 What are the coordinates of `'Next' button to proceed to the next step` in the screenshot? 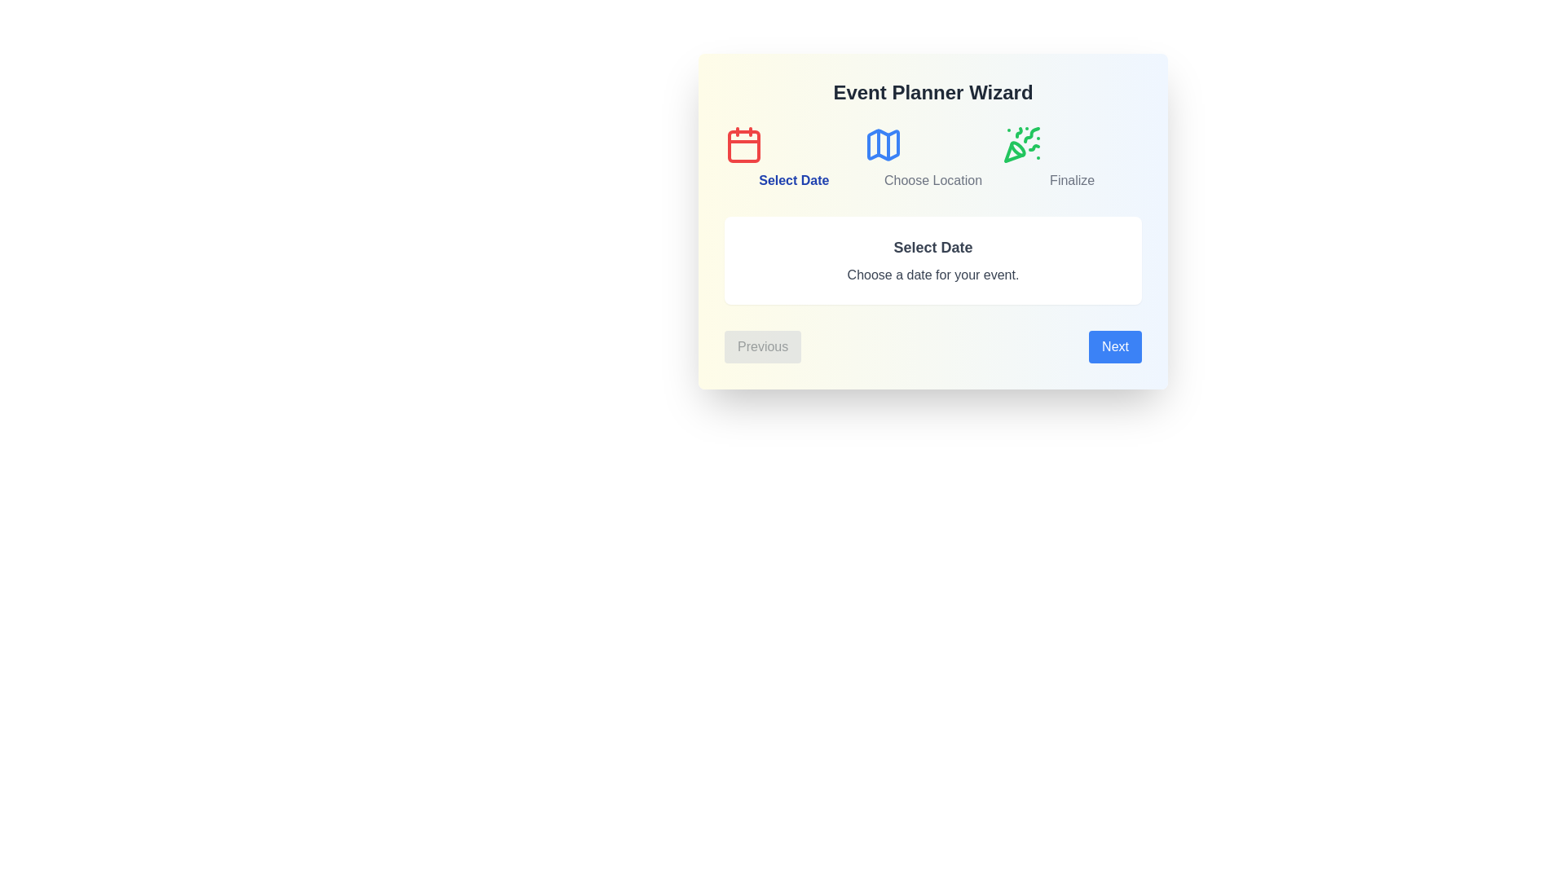 It's located at (1114, 345).